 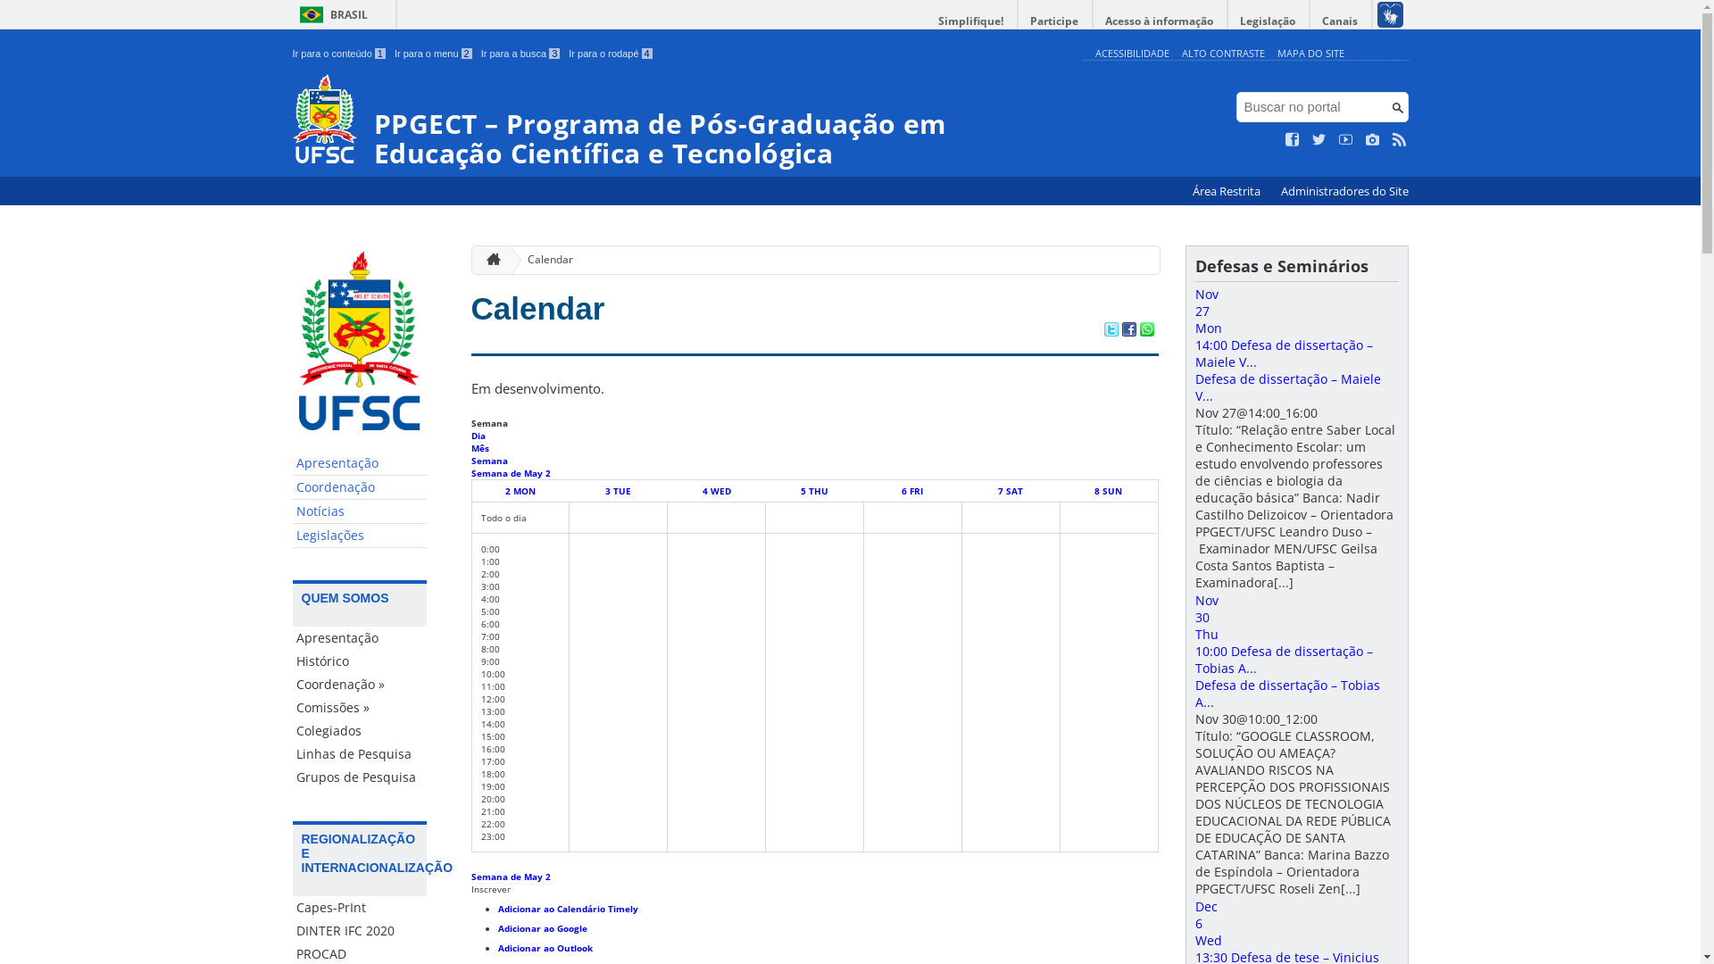 What do you see at coordinates (1285, 139) in the screenshot?
I see `'Curta no Facebook'` at bounding box center [1285, 139].